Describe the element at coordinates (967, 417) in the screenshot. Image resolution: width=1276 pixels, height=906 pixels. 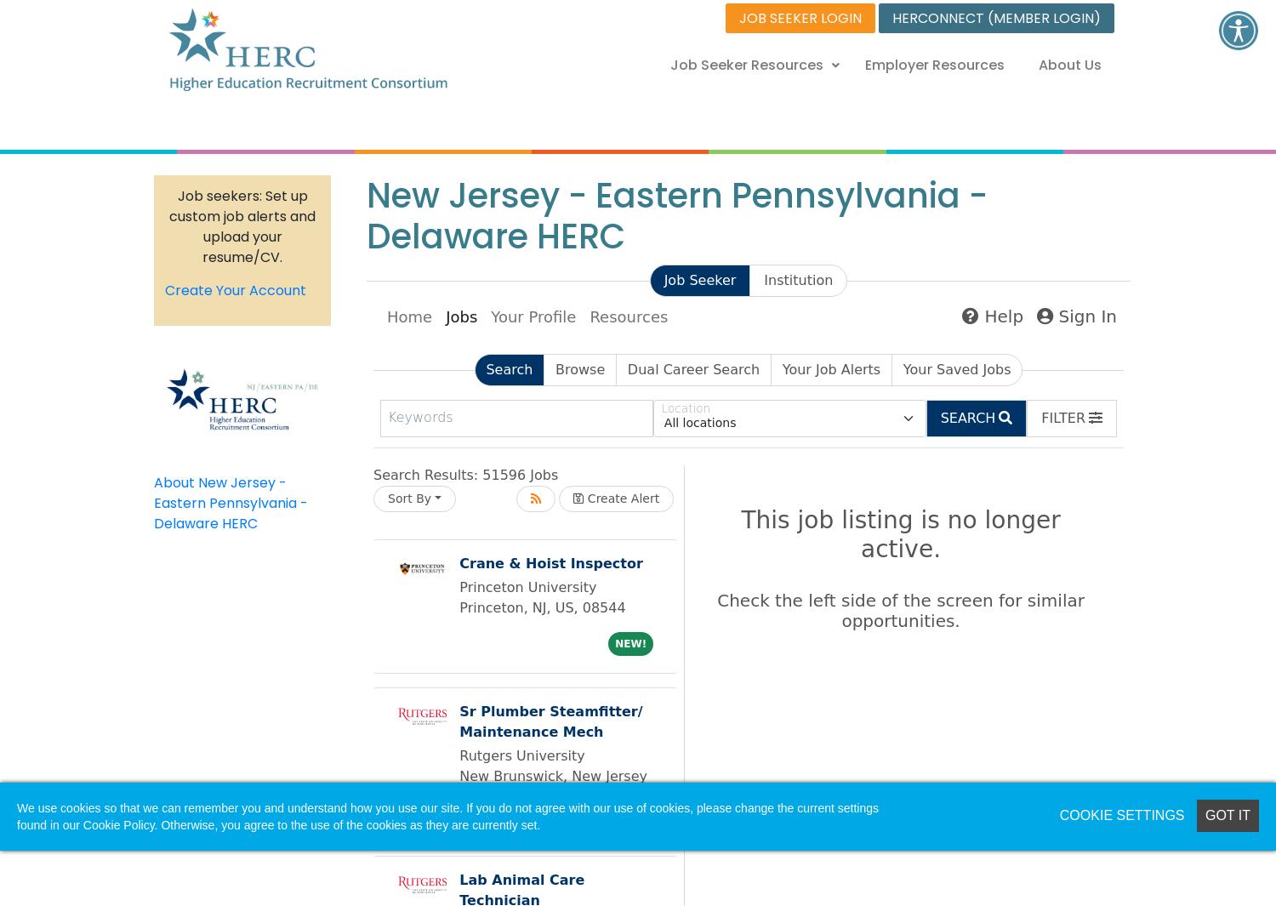
I see `'SEARCH'` at that location.